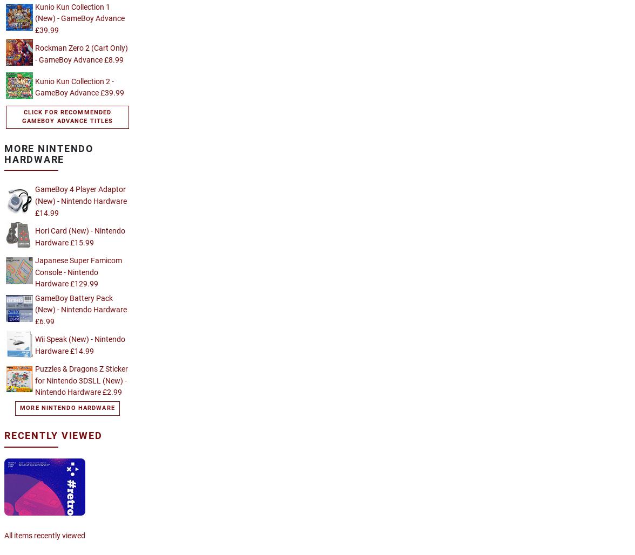  I want to click on 'Japanese Super Famicom Console - Nintendo Hardware £129.99', so click(35, 272).